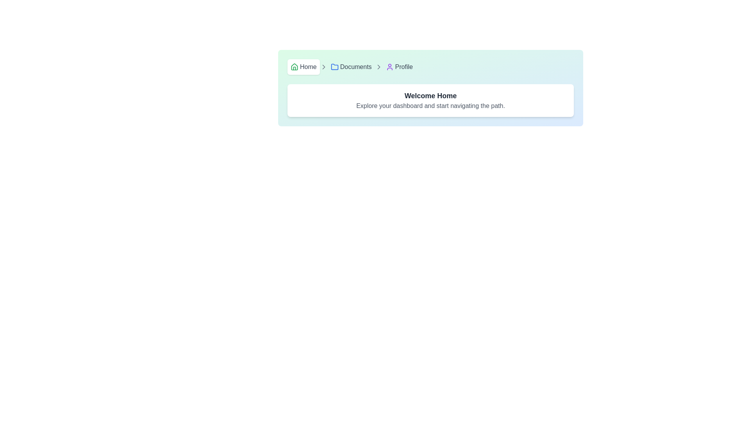 This screenshot has height=421, width=750. Describe the element at coordinates (355, 67) in the screenshot. I see `the 'Documents' label` at that location.